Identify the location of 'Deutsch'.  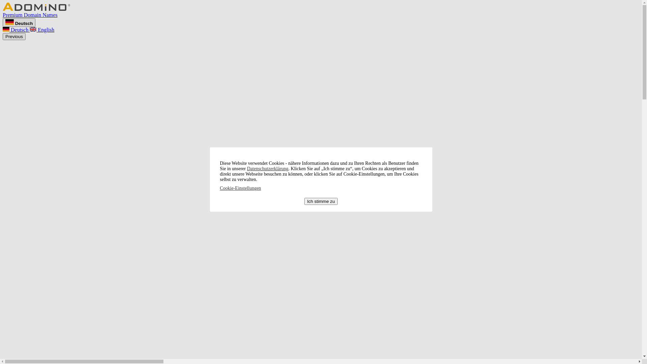
(16, 29).